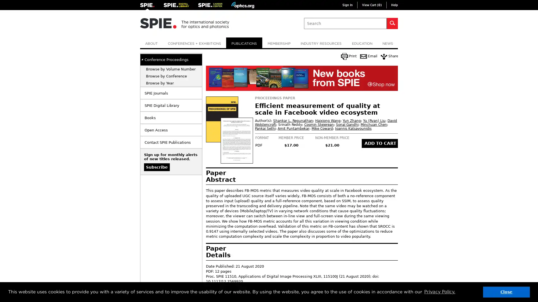  What do you see at coordinates (439, 292) in the screenshot?
I see `learn more about cookies` at bounding box center [439, 292].